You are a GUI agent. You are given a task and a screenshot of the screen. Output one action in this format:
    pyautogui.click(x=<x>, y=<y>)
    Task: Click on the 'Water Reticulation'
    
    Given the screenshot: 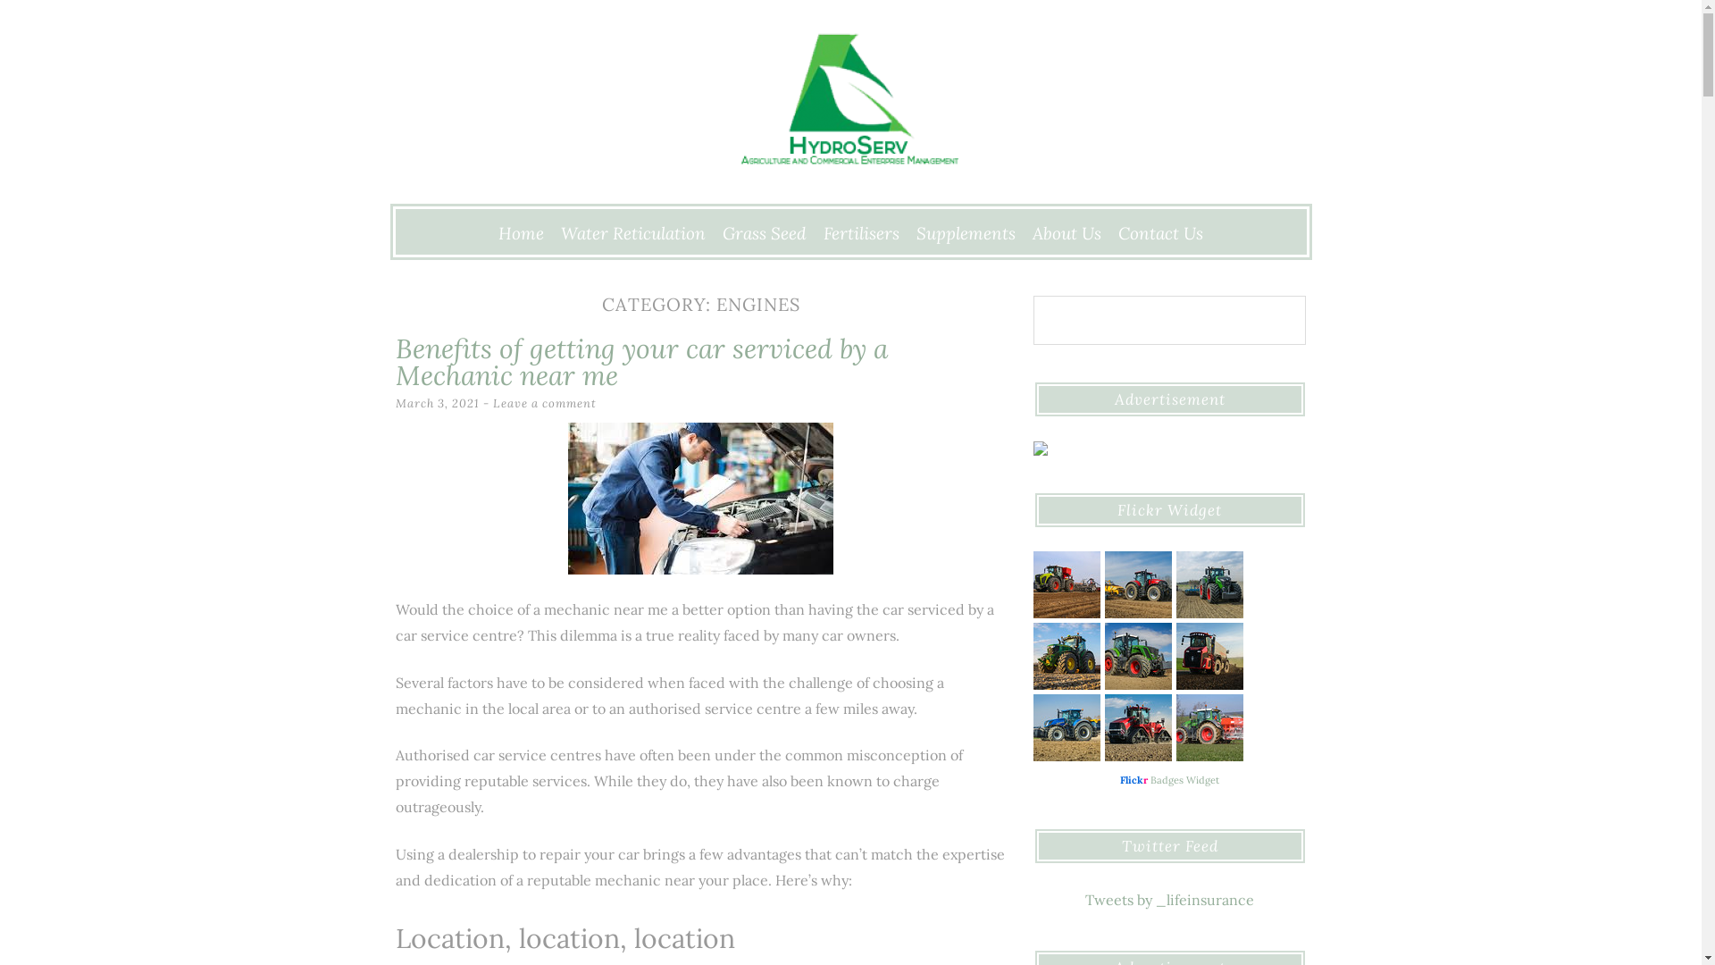 What is the action you would take?
    pyautogui.click(x=633, y=232)
    